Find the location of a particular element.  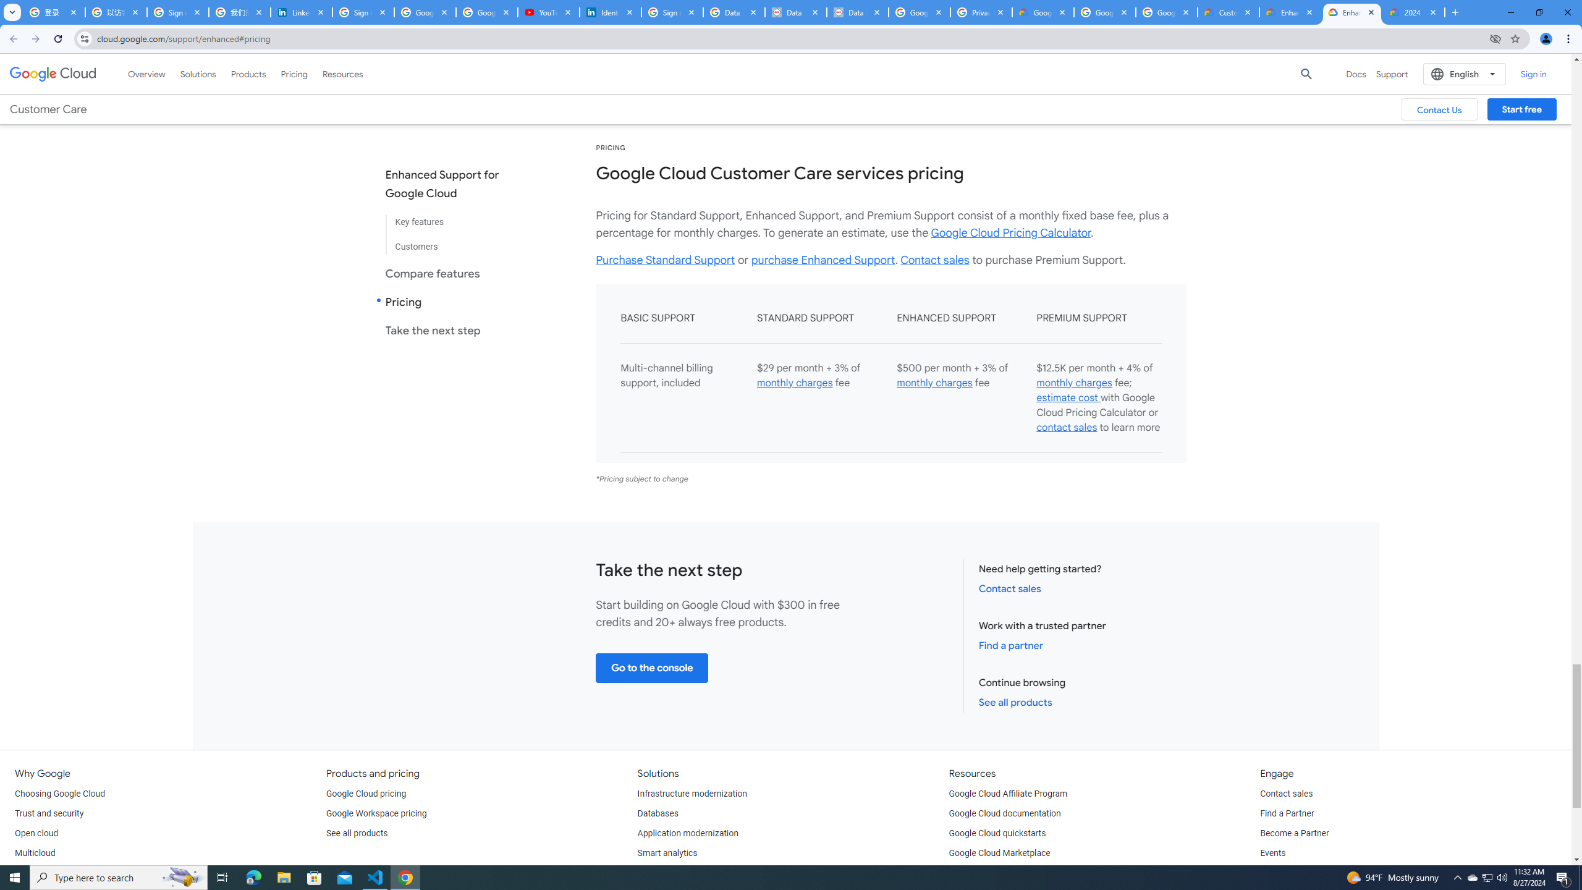

'Search tabs' is located at coordinates (12, 12).